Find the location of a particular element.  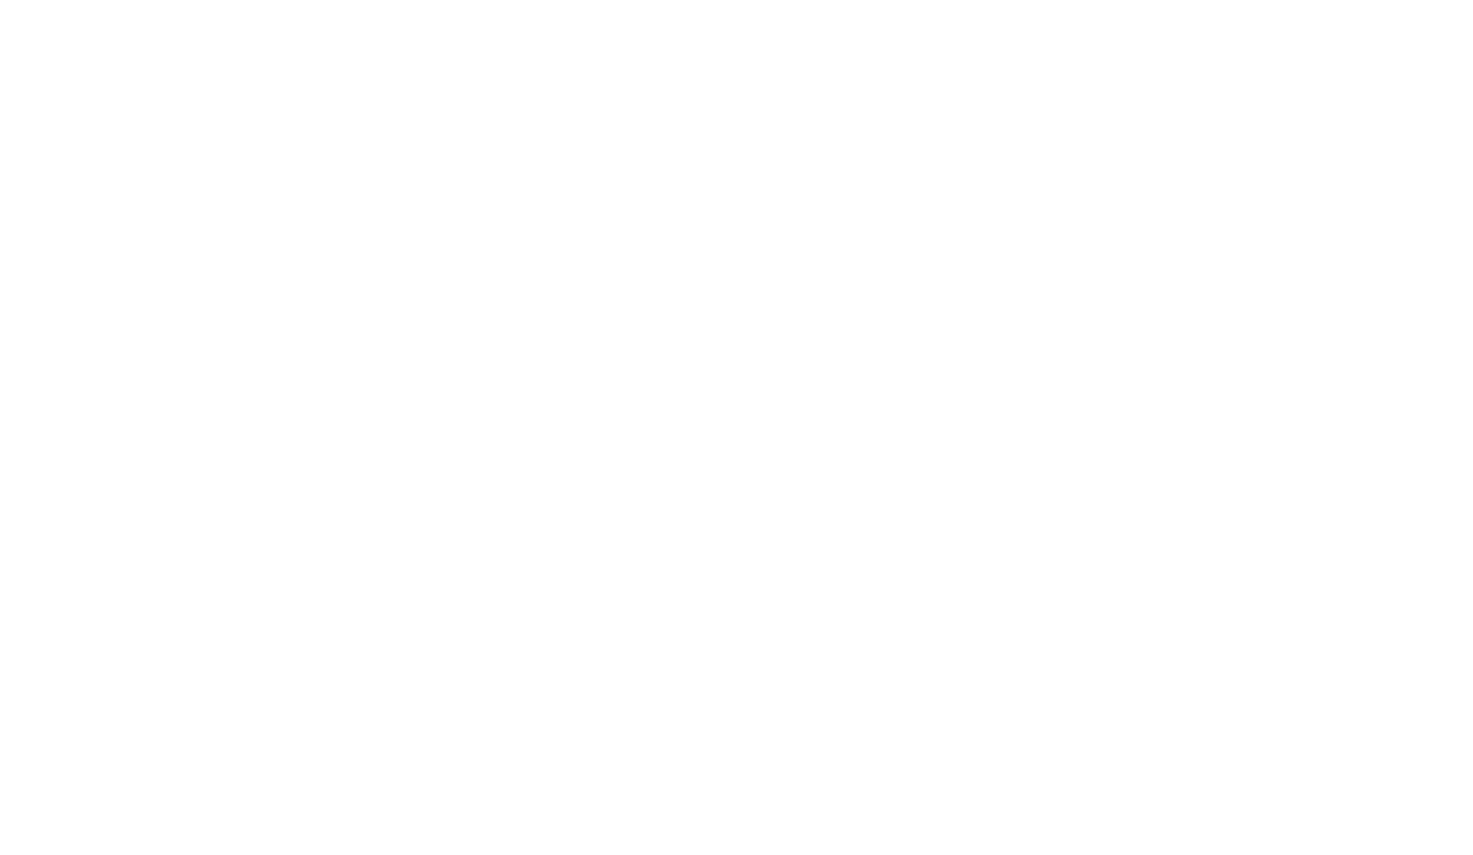

'Spotted par jilp95' is located at coordinates (353, 32).